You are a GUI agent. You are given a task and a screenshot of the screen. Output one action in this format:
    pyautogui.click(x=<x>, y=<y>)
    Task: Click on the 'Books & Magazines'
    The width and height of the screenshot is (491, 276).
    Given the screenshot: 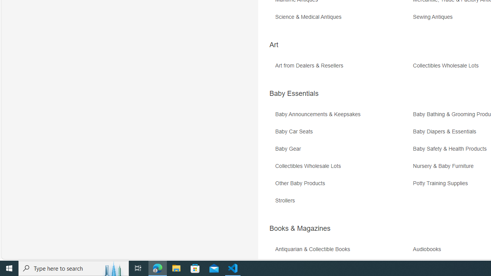 What is the action you would take?
    pyautogui.click(x=299, y=228)
    